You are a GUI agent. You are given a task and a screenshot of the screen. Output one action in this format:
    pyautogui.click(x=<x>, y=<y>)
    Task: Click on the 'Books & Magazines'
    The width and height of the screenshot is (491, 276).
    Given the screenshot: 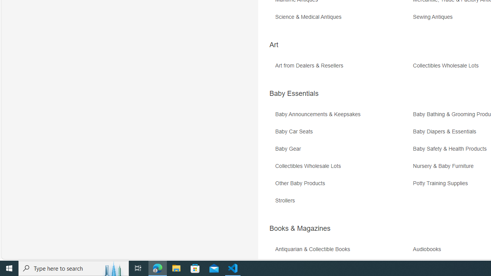 What is the action you would take?
    pyautogui.click(x=299, y=228)
    